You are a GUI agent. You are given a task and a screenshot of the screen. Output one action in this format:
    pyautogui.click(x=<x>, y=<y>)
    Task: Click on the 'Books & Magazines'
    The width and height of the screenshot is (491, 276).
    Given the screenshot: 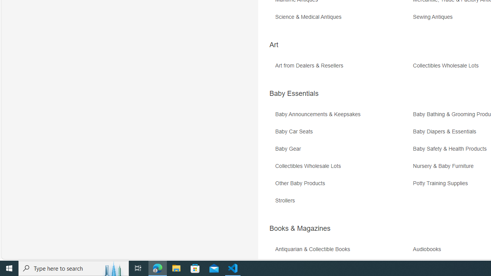 What is the action you would take?
    pyautogui.click(x=299, y=228)
    